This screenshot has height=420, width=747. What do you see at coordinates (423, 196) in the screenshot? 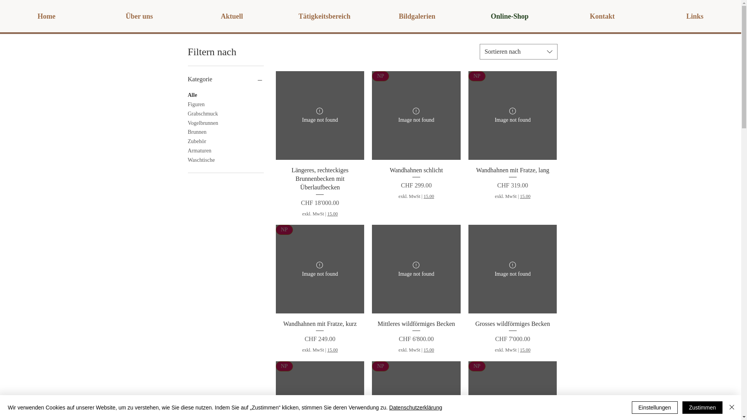
I see `'15.00'` at bounding box center [423, 196].